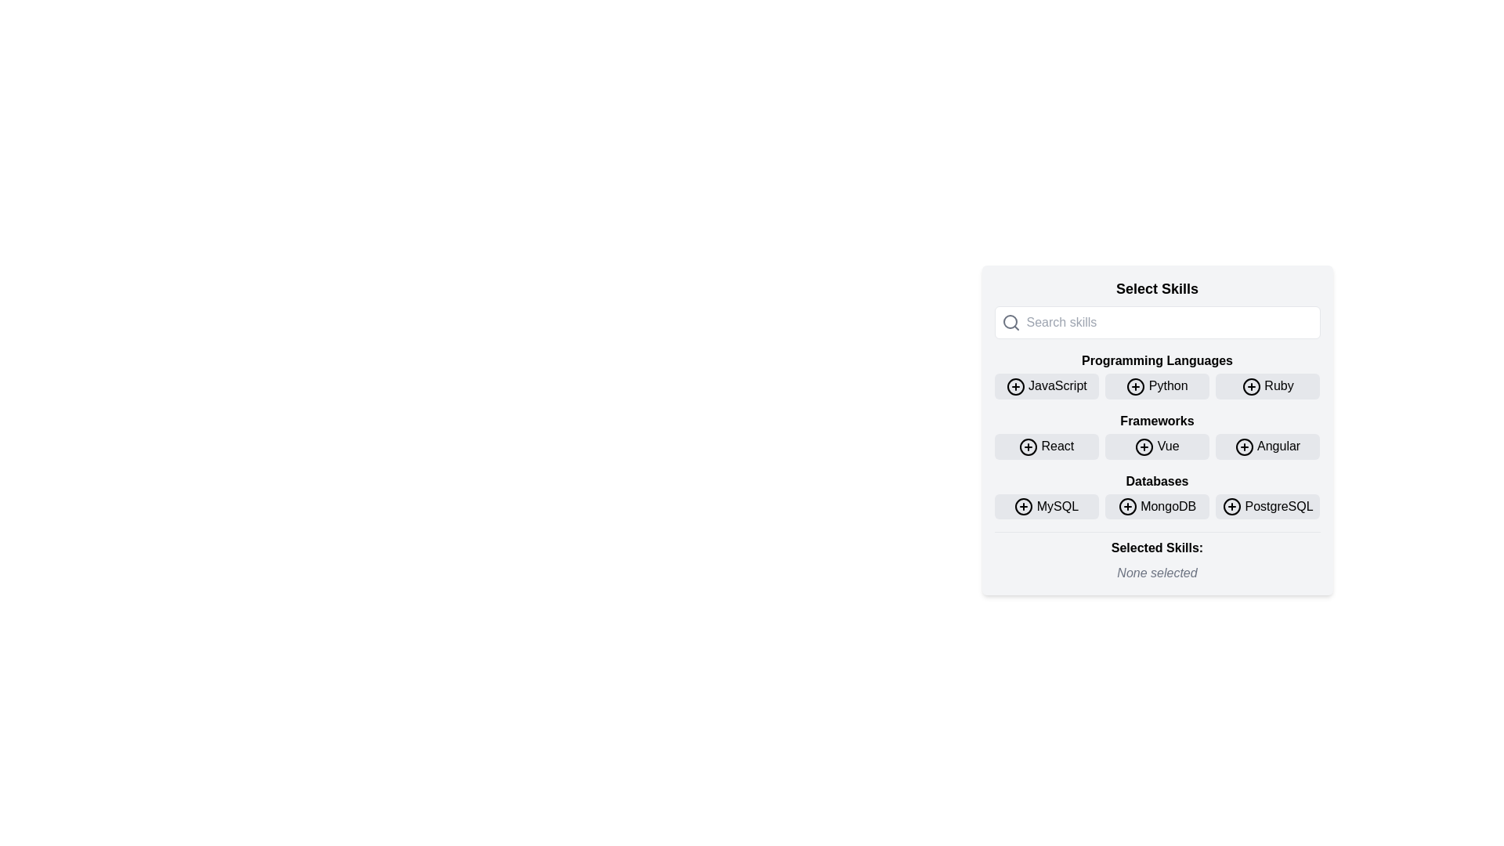 The width and height of the screenshot is (1504, 846). I want to click on the circular SVG graphical component of the interactive icon located, so click(1015, 386).